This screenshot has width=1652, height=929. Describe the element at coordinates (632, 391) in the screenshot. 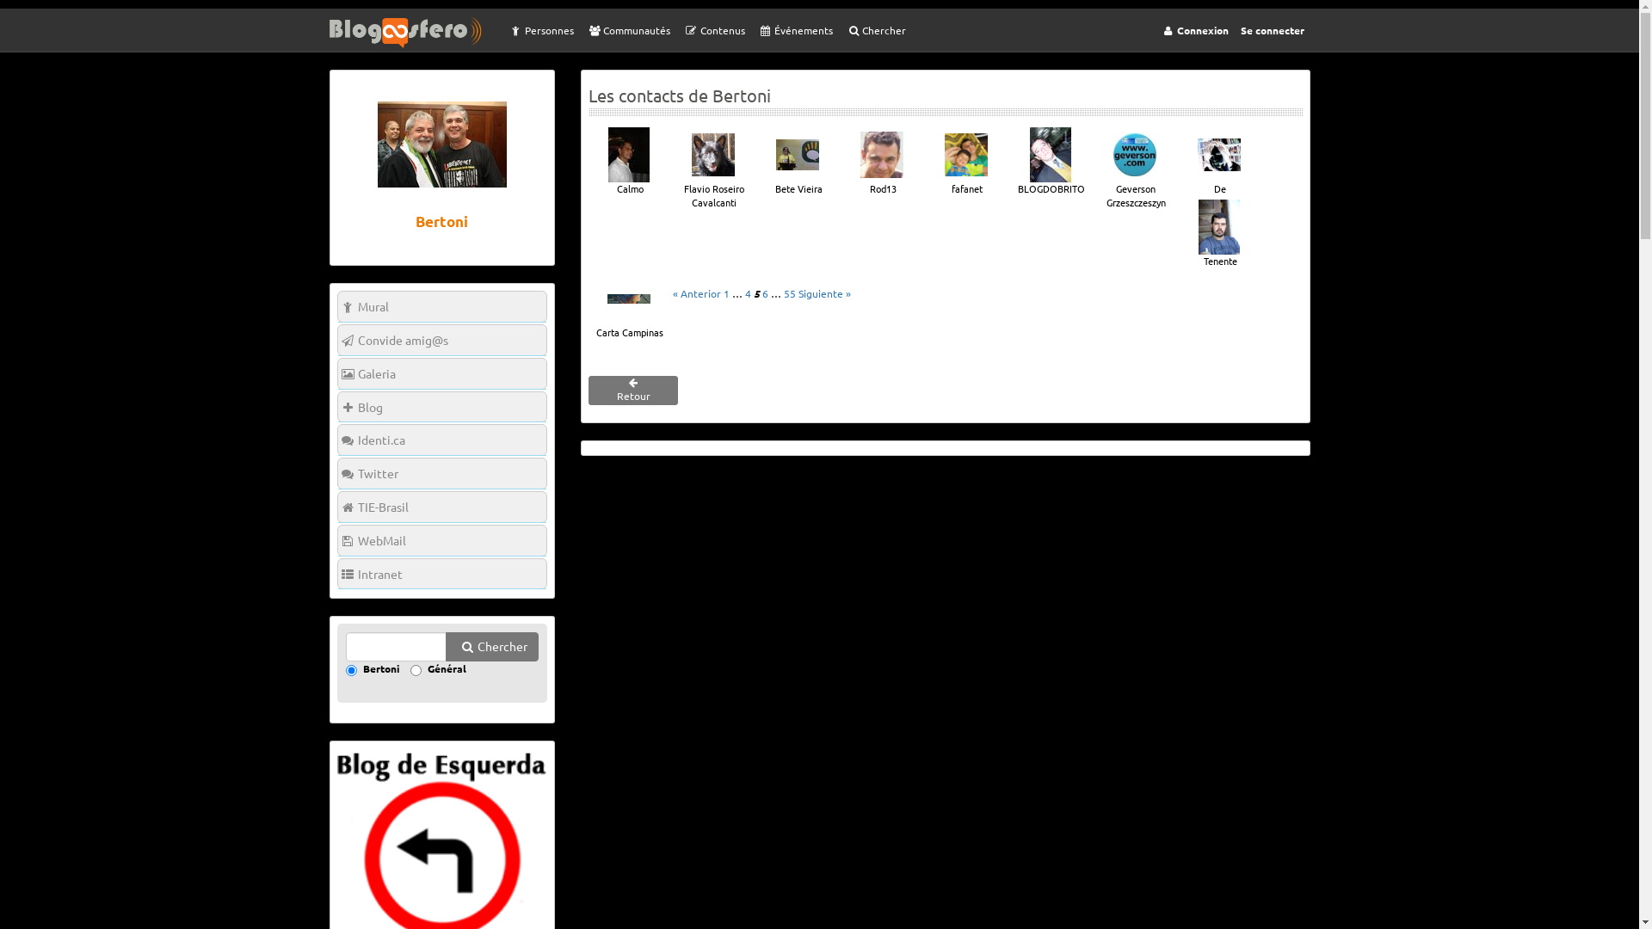

I see `'Retour'` at that location.